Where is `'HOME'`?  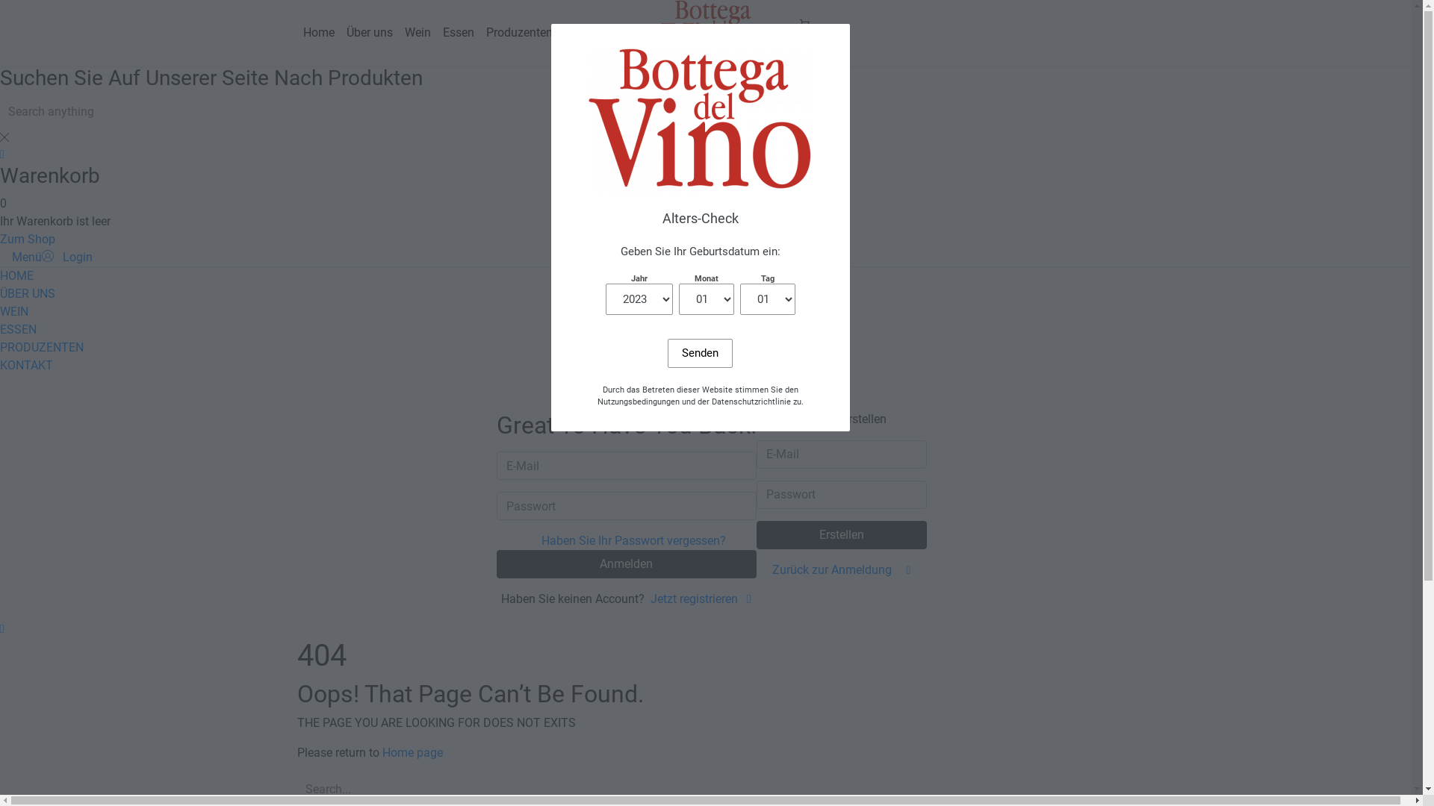
'HOME' is located at coordinates (16, 275).